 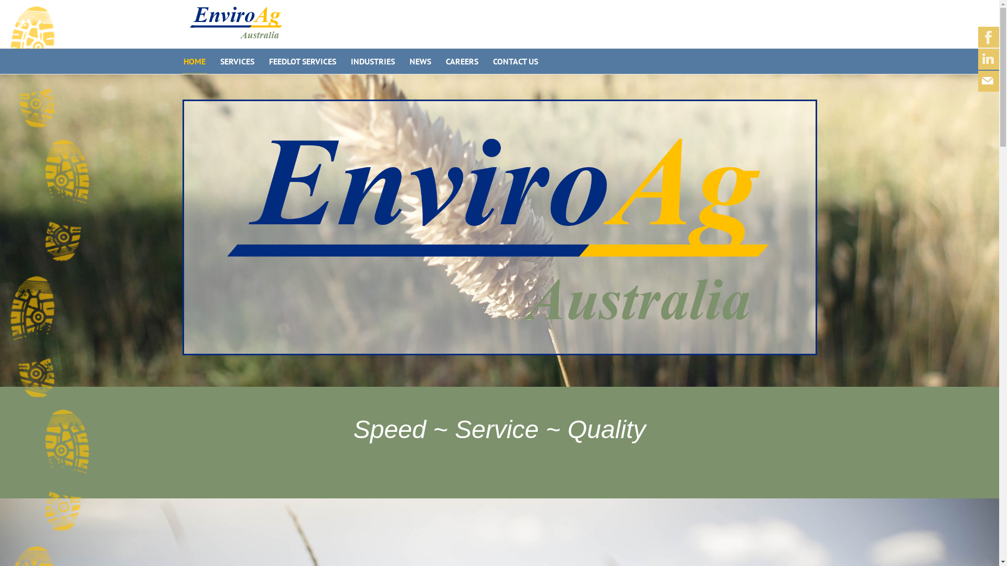 What do you see at coordinates (420, 61) in the screenshot?
I see `'NEWS'` at bounding box center [420, 61].